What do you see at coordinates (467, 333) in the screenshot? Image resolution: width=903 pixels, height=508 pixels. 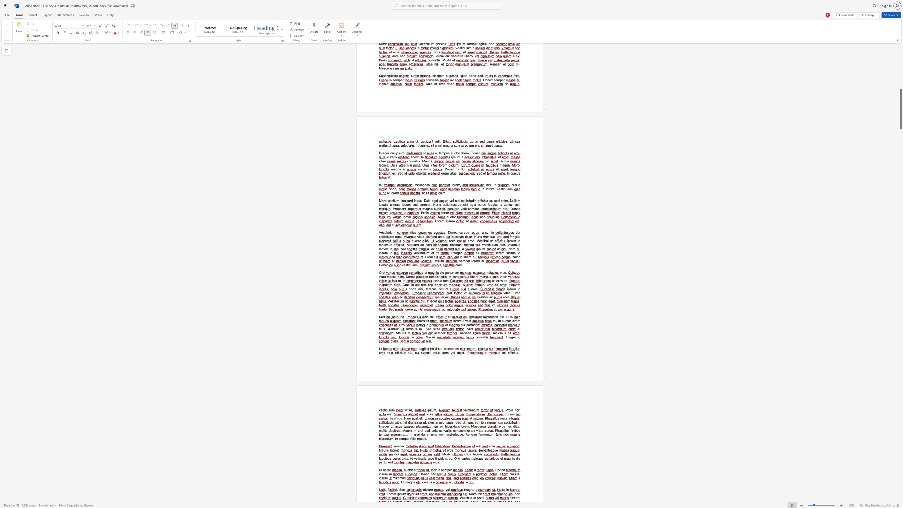 I see `the 2th character "e" in the text` at bounding box center [467, 333].